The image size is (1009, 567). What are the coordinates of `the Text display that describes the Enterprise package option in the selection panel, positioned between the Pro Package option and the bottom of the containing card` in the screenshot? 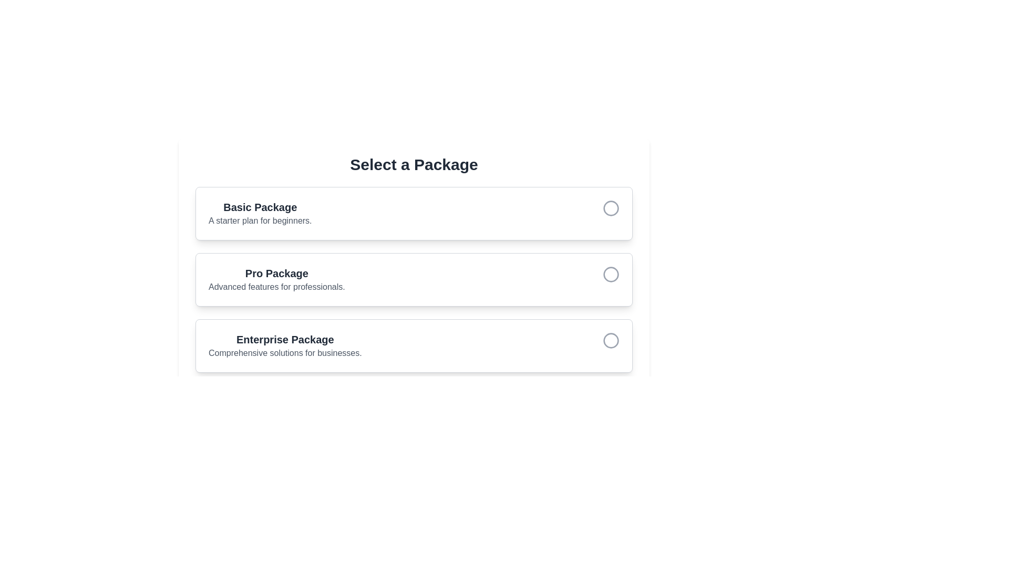 It's located at (285, 346).